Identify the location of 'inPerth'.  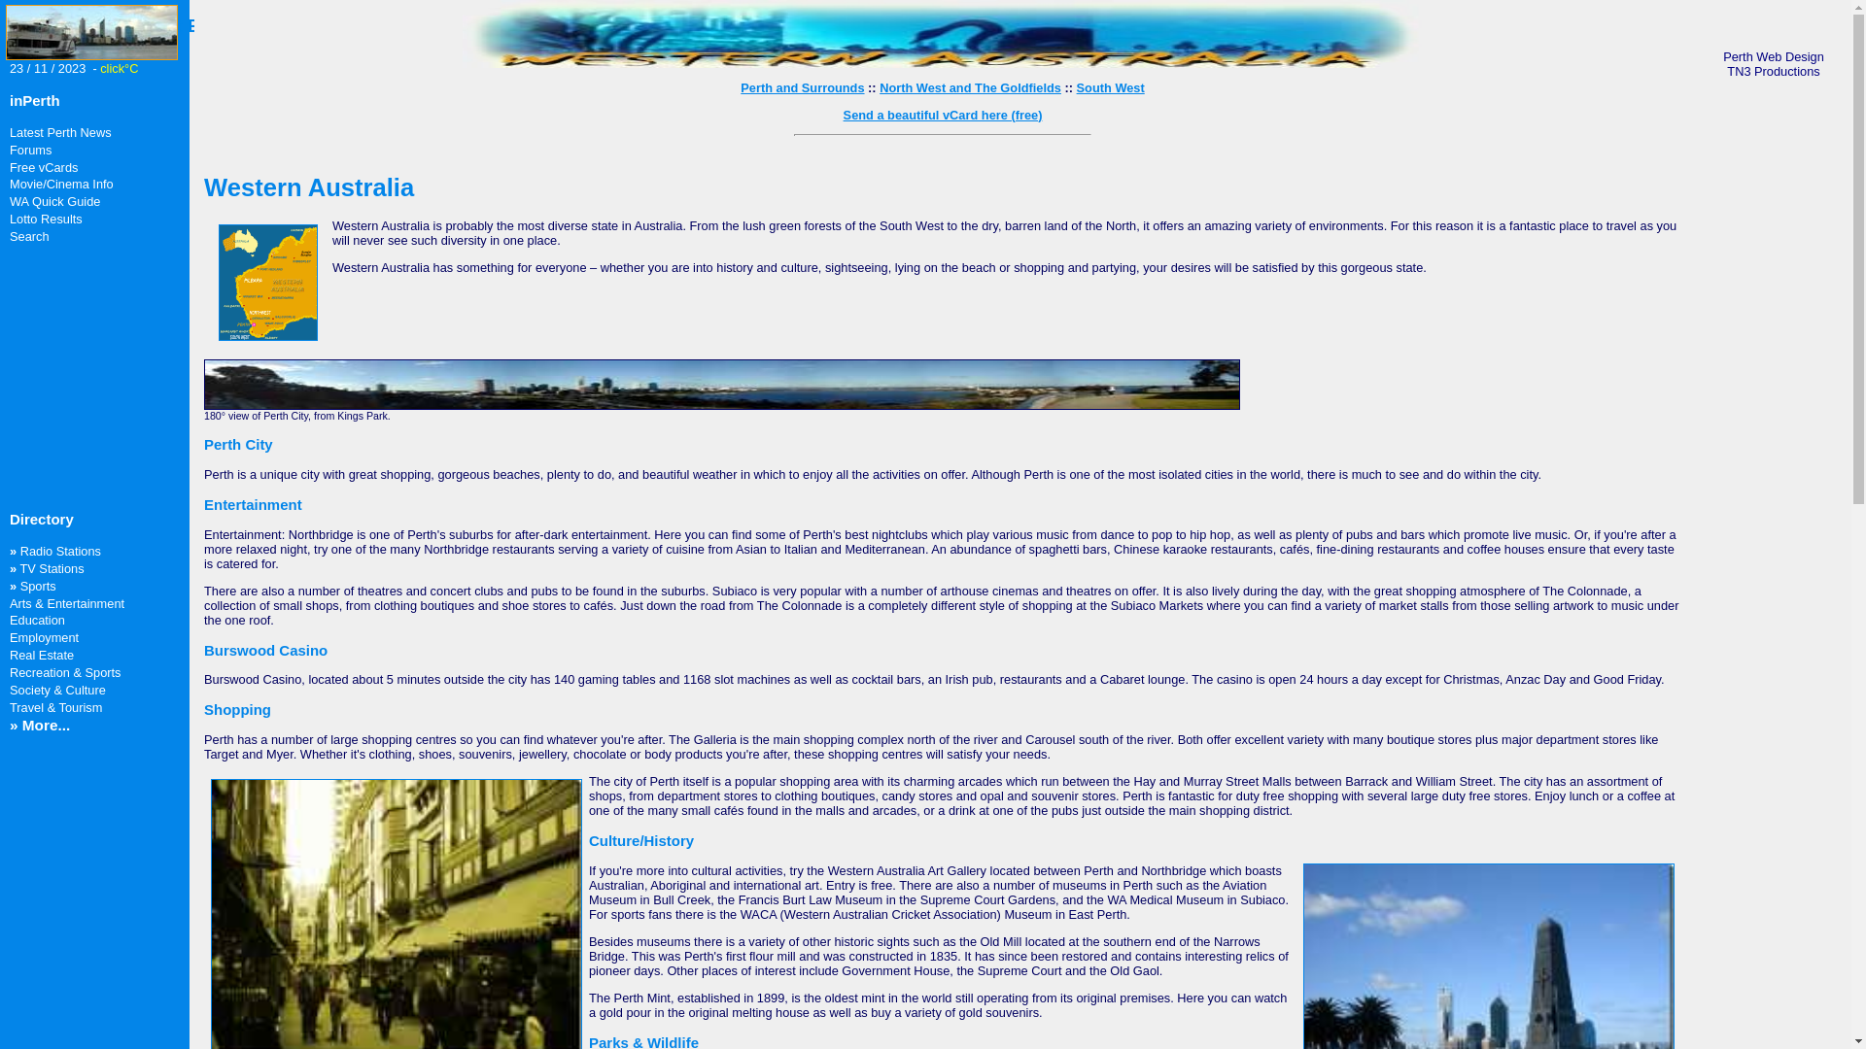
(35, 100).